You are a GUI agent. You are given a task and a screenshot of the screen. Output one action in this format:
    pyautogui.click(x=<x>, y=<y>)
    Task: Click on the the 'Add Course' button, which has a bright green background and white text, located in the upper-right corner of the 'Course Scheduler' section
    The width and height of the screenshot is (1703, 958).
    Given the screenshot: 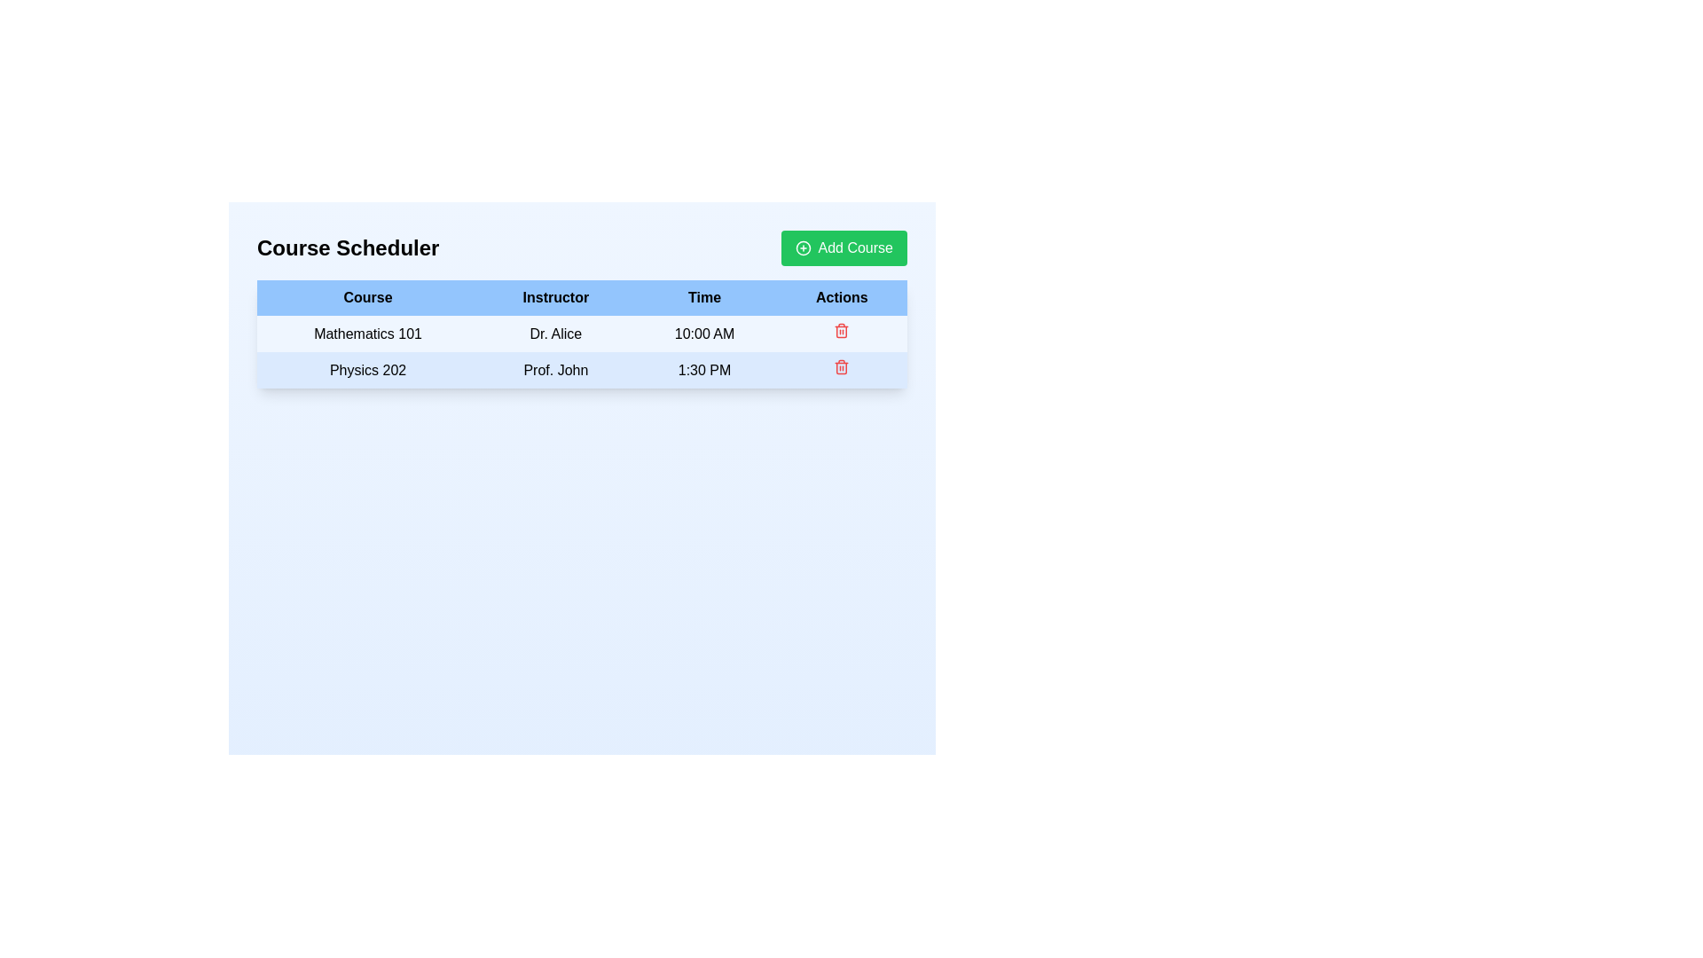 What is the action you would take?
    pyautogui.click(x=843, y=248)
    